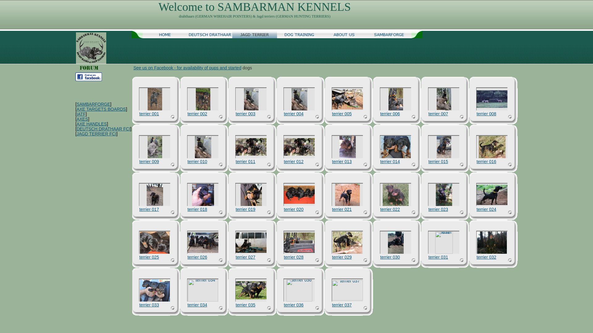 The image size is (593, 333). What do you see at coordinates (299, 242) in the screenshot?
I see `'terrier 028'` at bounding box center [299, 242].